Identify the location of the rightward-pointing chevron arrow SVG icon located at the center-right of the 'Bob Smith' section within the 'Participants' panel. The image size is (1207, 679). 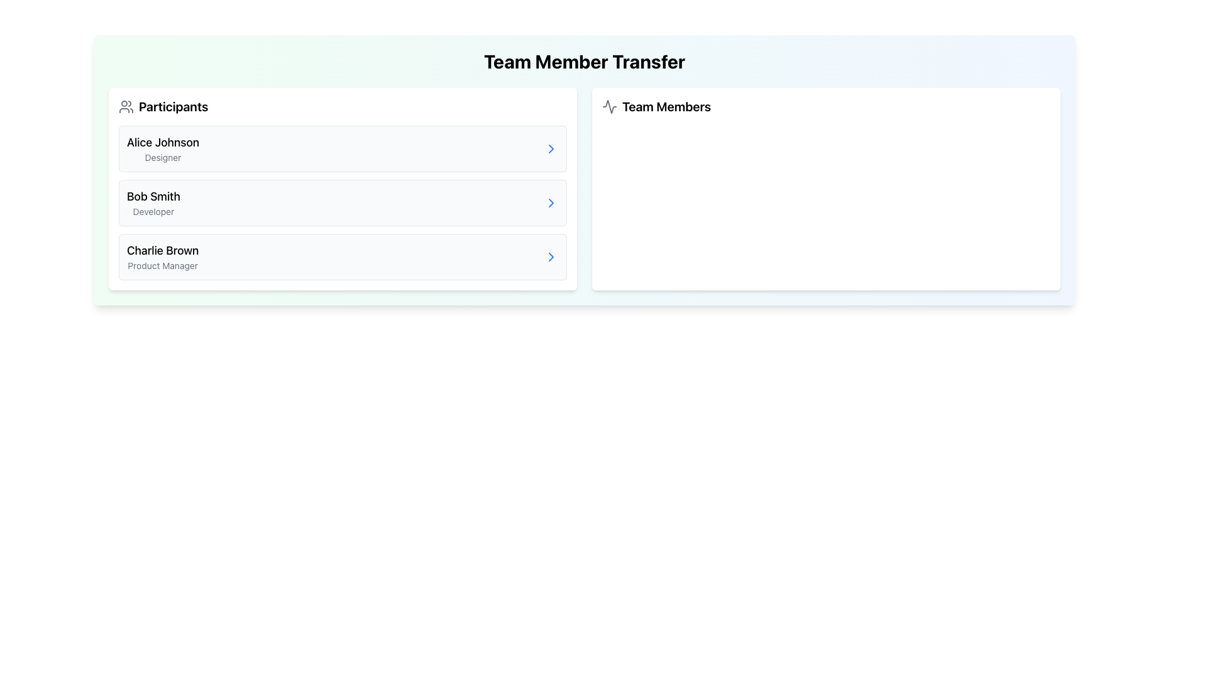
(551, 148).